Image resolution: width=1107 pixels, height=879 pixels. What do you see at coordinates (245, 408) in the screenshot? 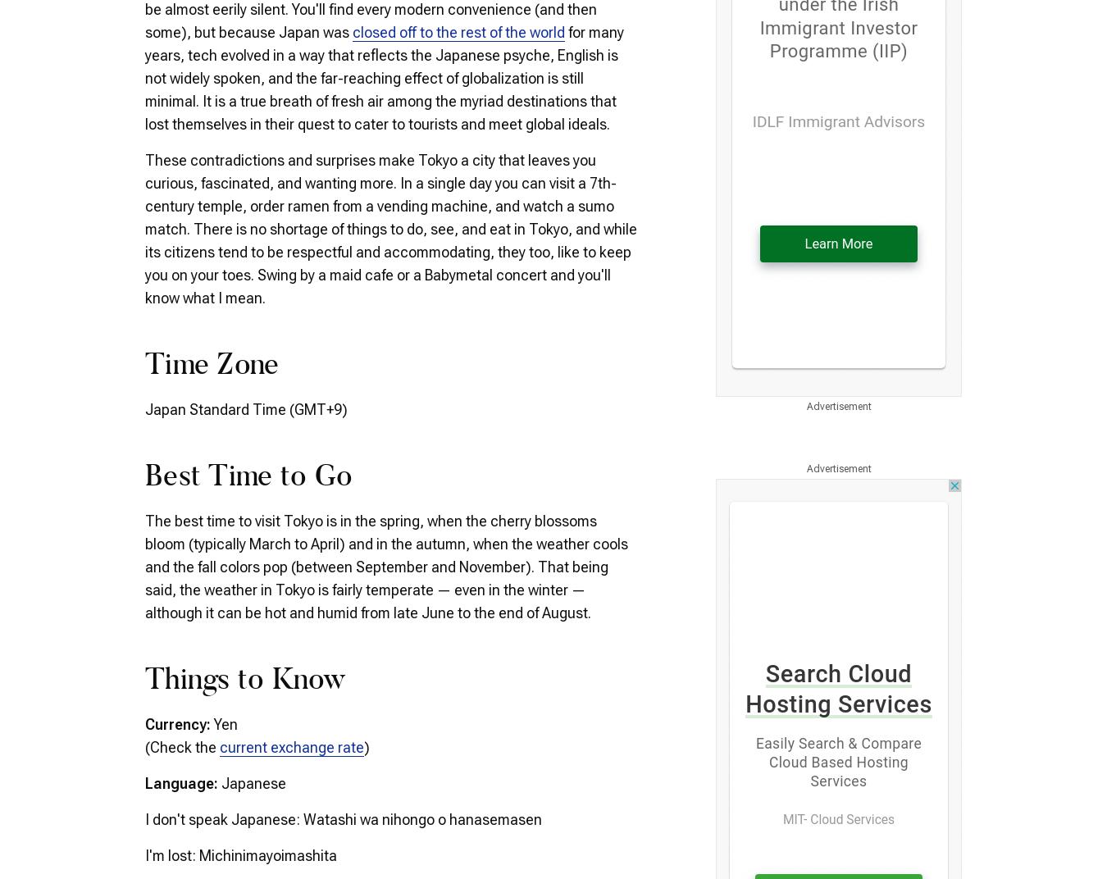
I see `'Japan Standard Time (GMT+9)'` at bounding box center [245, 408].